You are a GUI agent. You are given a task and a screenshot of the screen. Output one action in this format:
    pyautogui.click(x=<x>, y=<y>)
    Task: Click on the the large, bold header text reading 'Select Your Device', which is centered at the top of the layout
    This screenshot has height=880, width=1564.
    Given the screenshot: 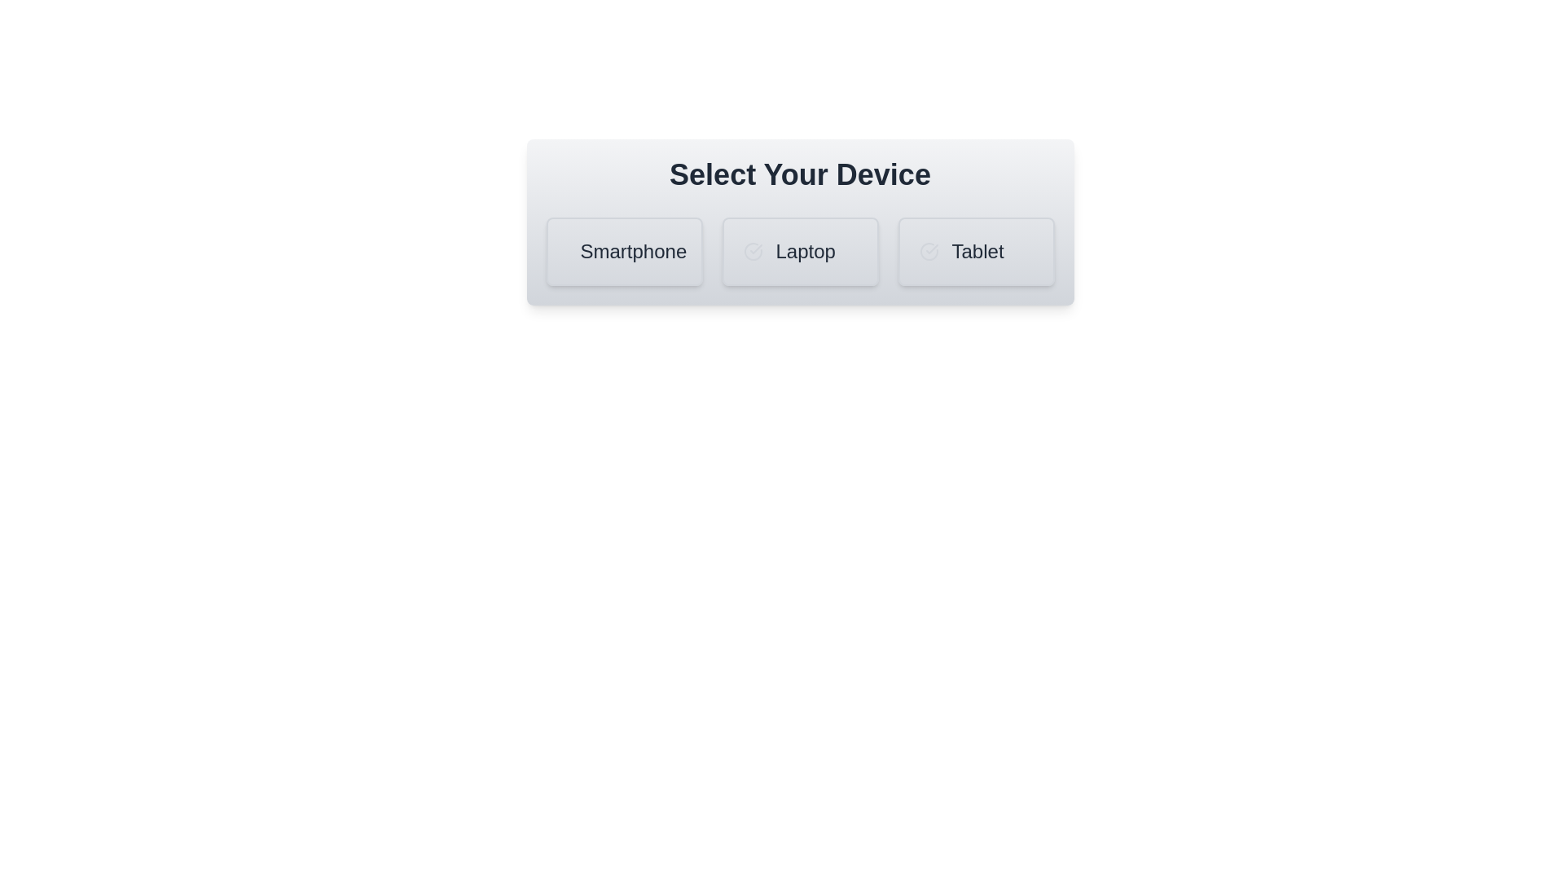 What is the action you would take?
    pyautogui.click(x=800, y=175)
    